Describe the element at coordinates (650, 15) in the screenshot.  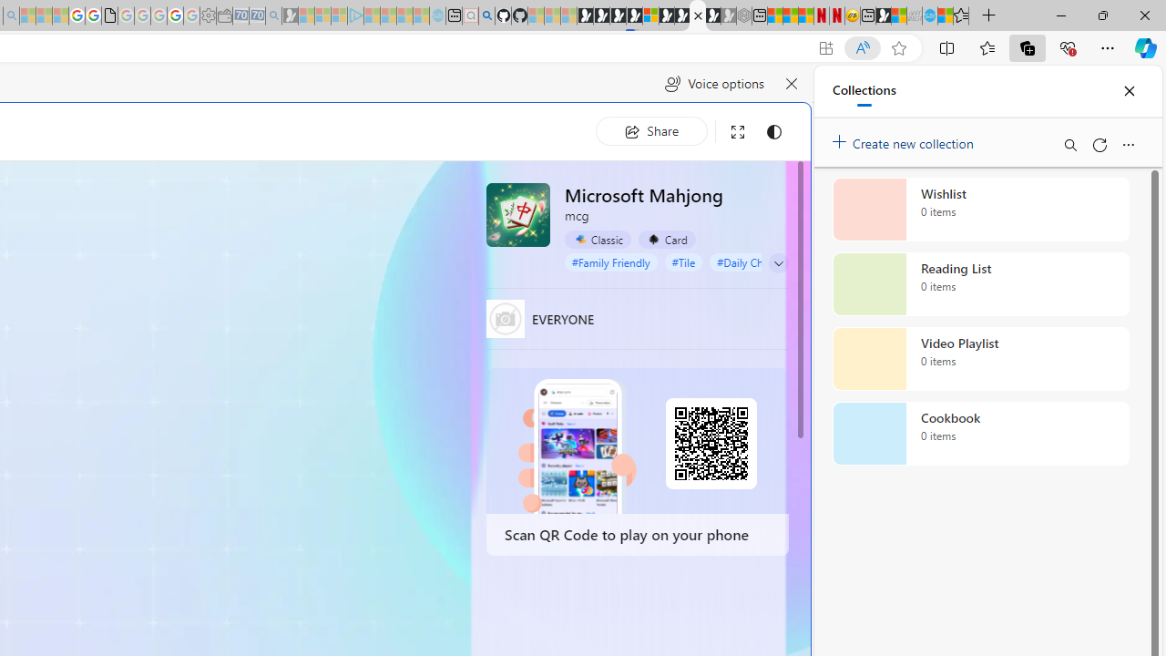
I see `'Sign in to your account'` at that location.